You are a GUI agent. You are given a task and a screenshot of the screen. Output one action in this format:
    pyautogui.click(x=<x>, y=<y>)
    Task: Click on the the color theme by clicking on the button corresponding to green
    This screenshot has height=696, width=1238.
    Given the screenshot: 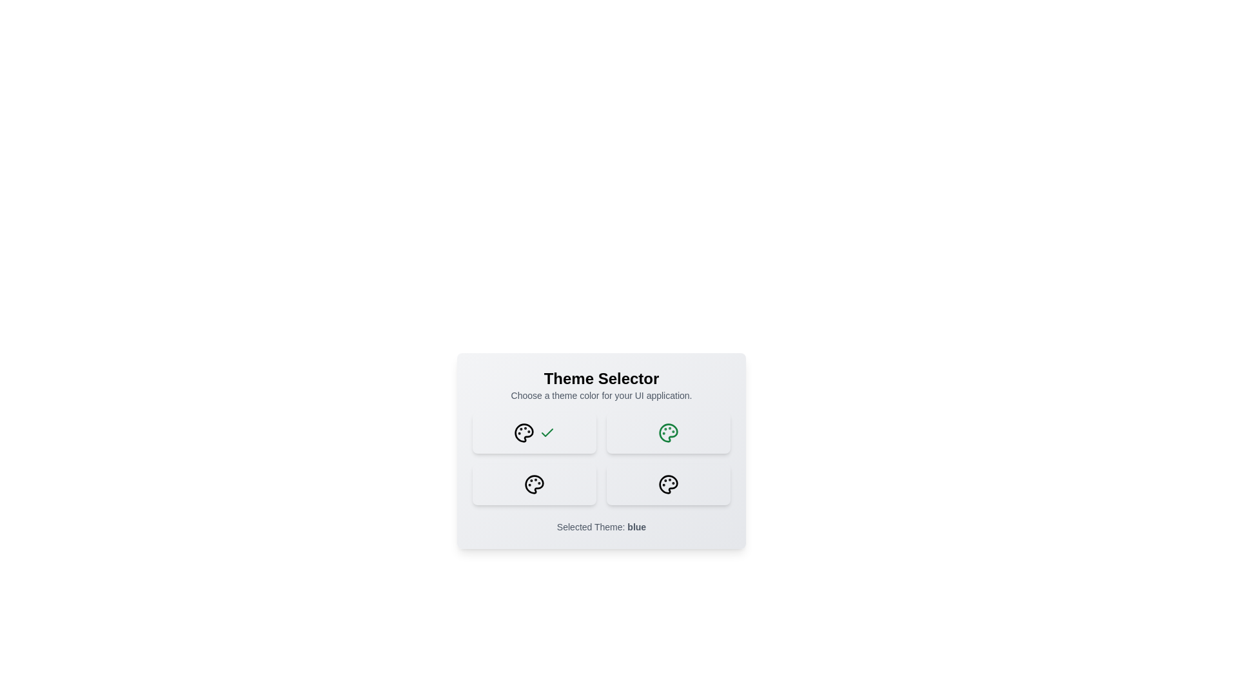 What is the action you would take?
    pyautogui.click(x=668, y=432)
    